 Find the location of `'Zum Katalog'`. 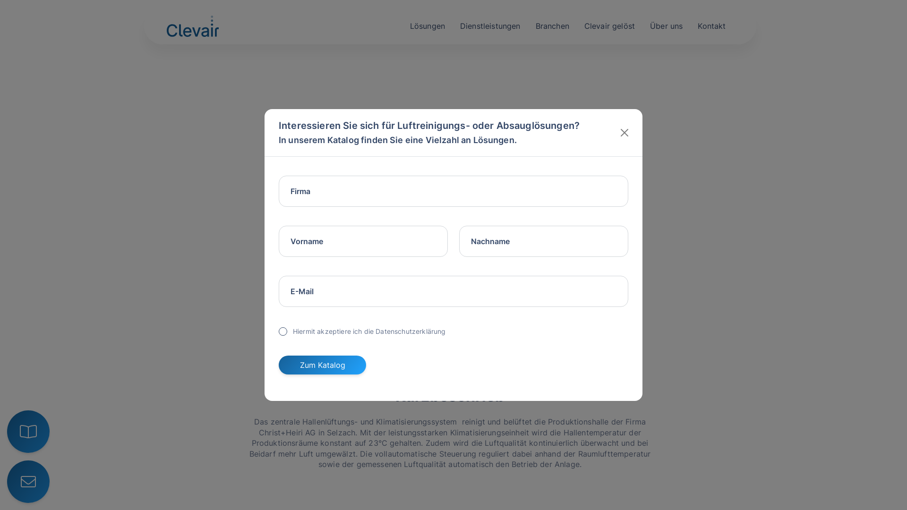

'Zum Katalog' is located at coordinates (278, 364).